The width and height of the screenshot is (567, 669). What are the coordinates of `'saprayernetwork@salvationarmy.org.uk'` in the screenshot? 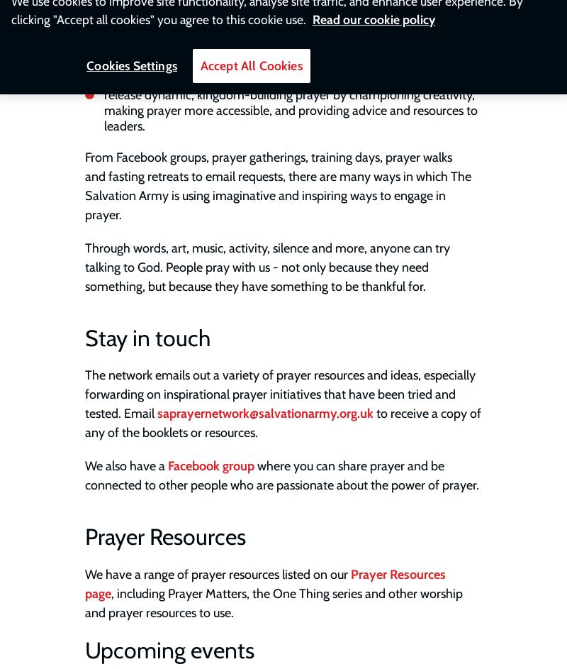 It's located at (157, 412).